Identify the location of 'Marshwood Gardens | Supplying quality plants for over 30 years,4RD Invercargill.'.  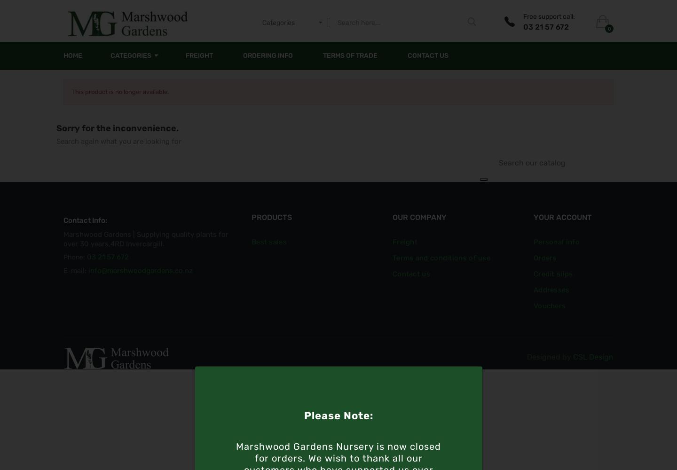
(146, 239).